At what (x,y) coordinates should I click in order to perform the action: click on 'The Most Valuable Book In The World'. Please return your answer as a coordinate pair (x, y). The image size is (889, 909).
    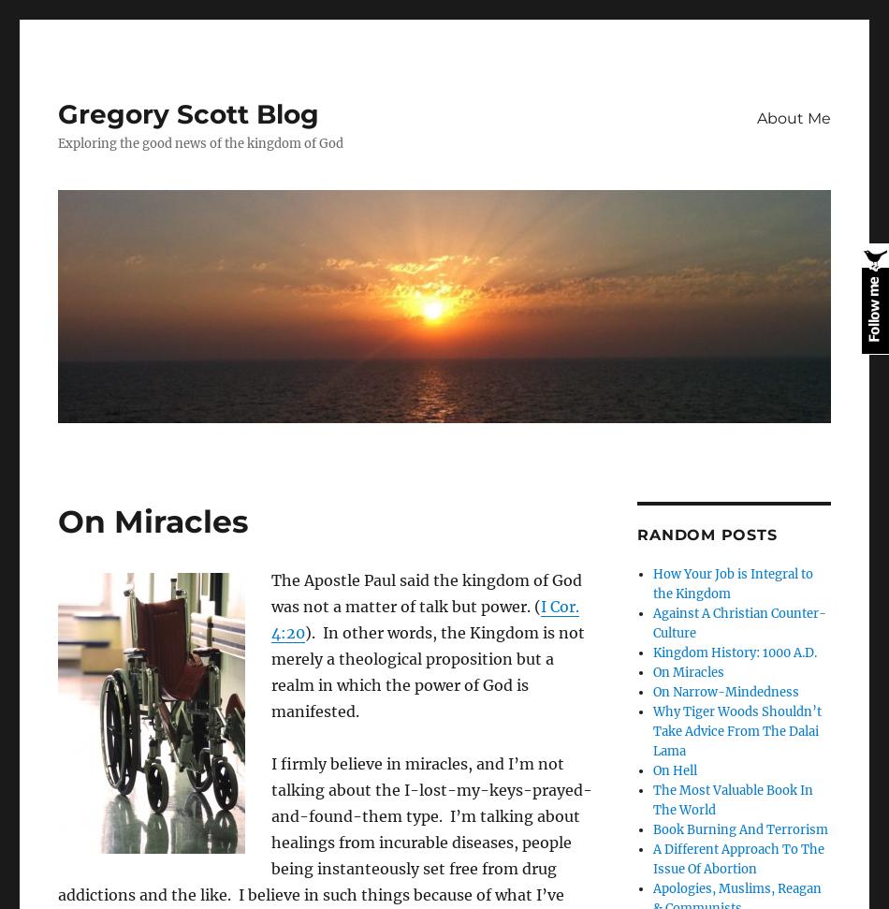
    Looking at the image, I should click on (731, 799).